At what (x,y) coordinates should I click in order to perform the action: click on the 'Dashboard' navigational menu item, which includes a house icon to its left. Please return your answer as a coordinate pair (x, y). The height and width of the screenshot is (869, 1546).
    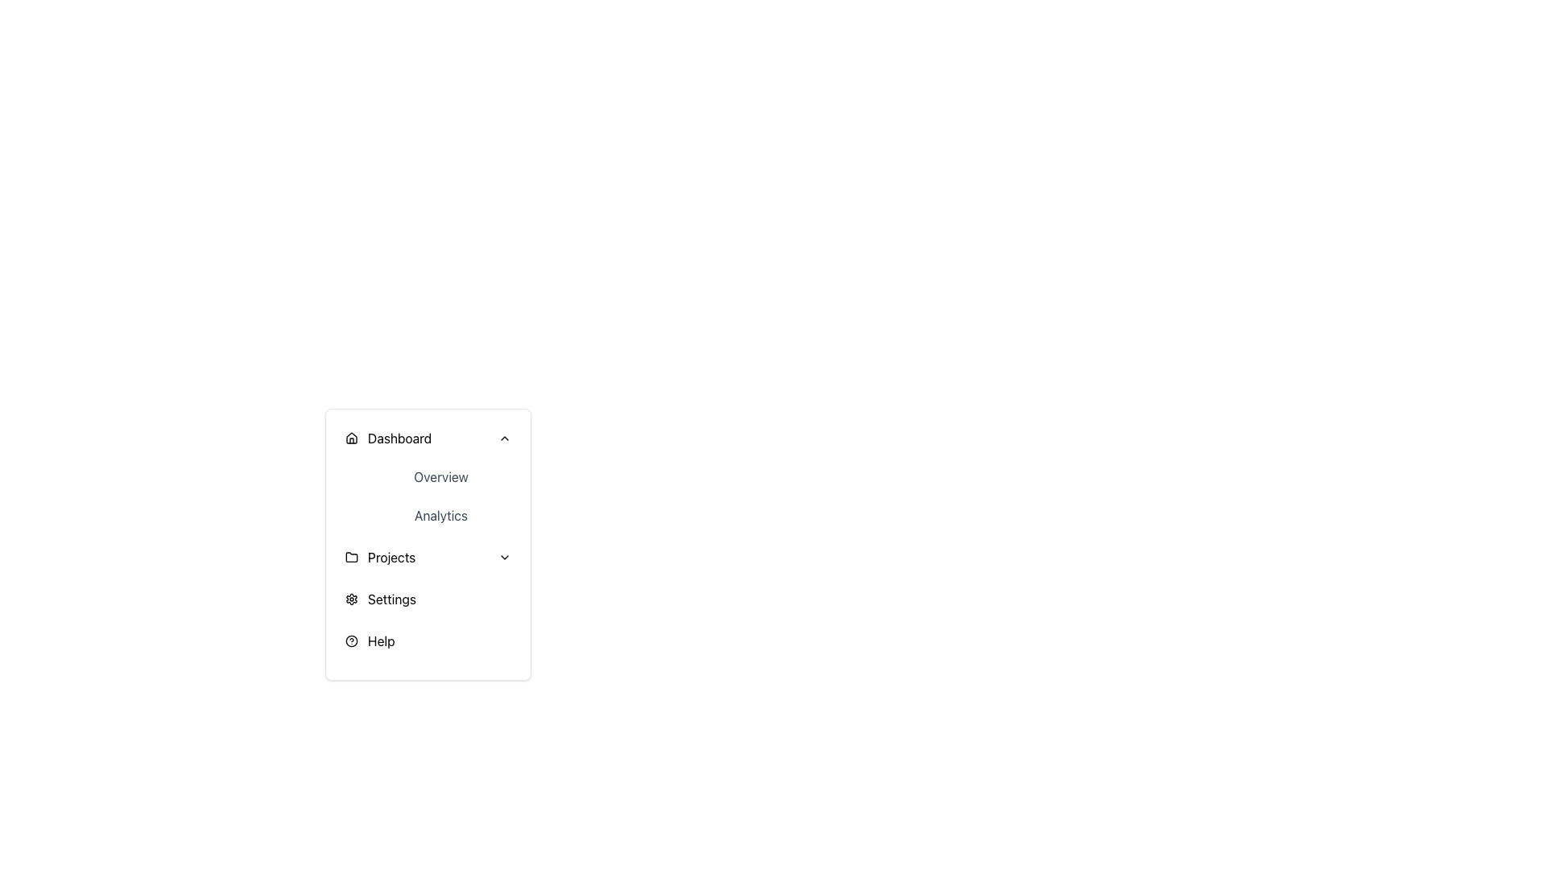
    Looking at the image, I should click on (388, 438).